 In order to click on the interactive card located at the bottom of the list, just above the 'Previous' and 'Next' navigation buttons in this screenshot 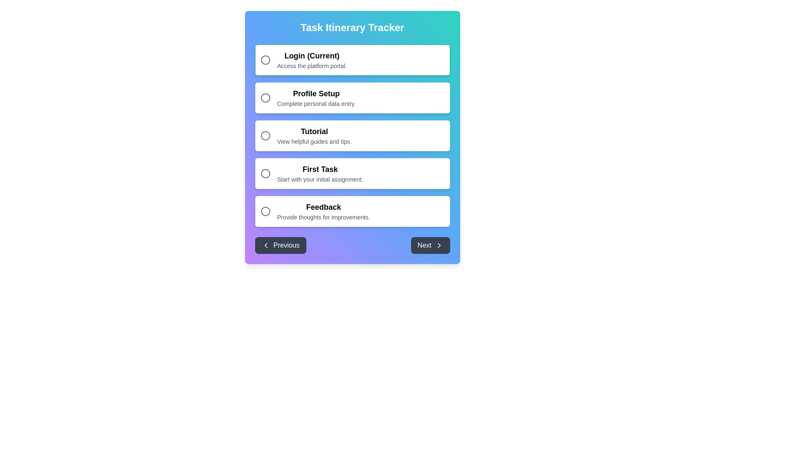, I will do `click(352, 211)`.